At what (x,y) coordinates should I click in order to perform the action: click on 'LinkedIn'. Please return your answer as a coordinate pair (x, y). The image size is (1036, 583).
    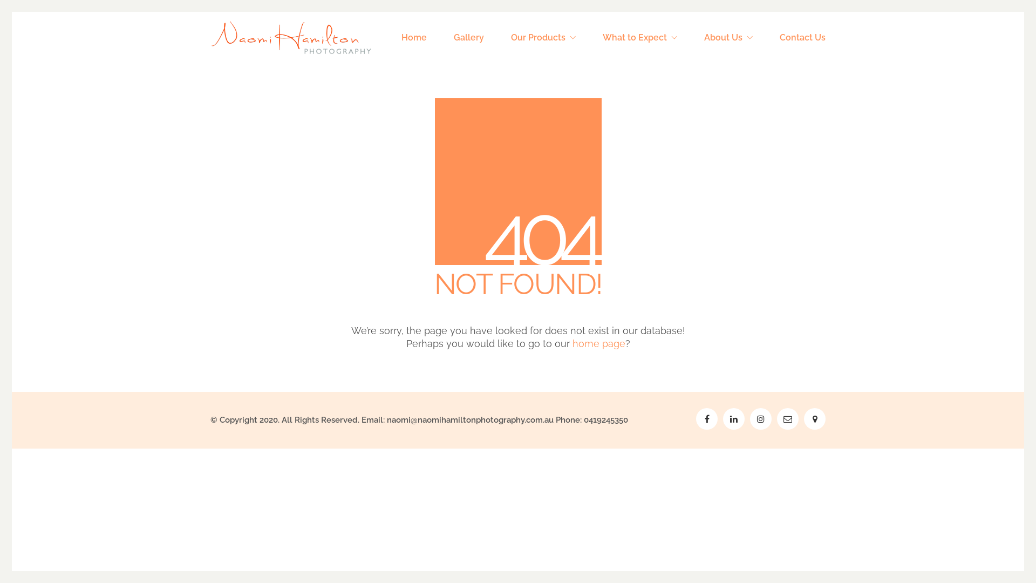
    Looking at the image, I should click on (733, 418).